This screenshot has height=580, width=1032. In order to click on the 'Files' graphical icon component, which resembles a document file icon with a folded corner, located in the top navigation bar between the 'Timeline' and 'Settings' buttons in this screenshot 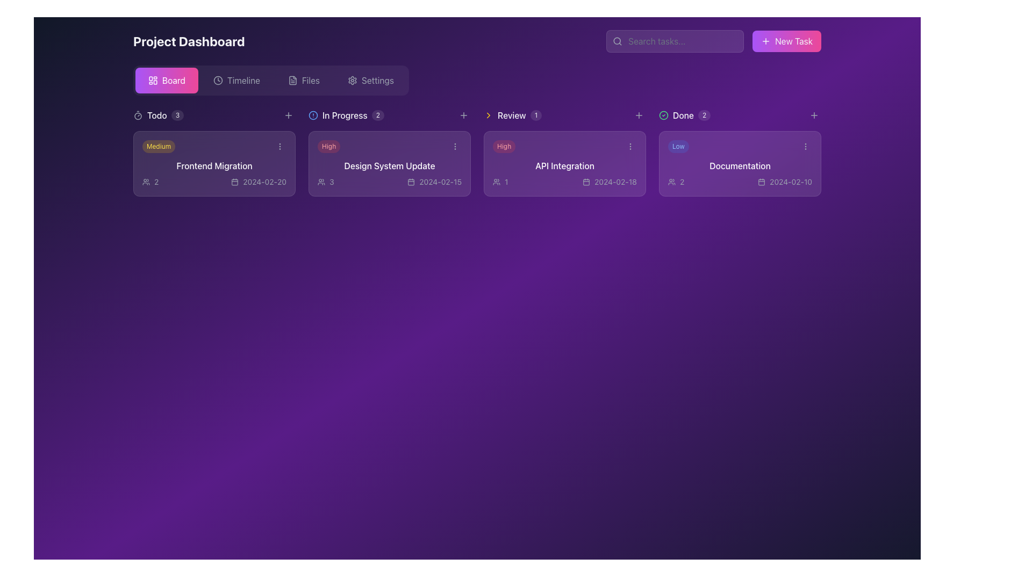, I will do `click(292, 80)`.